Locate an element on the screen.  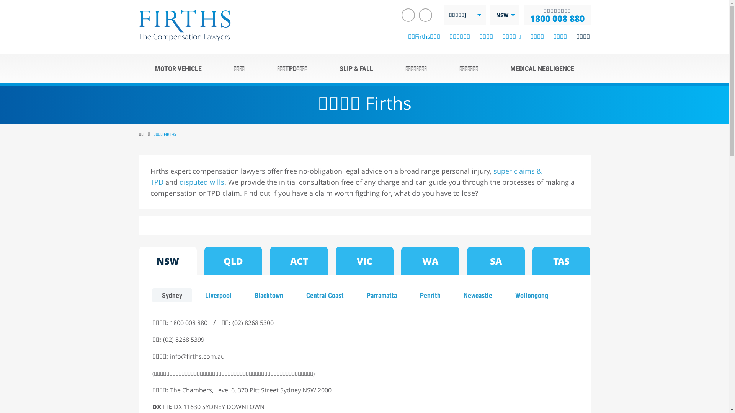
'TAS' is located at coordinates (561, 260).